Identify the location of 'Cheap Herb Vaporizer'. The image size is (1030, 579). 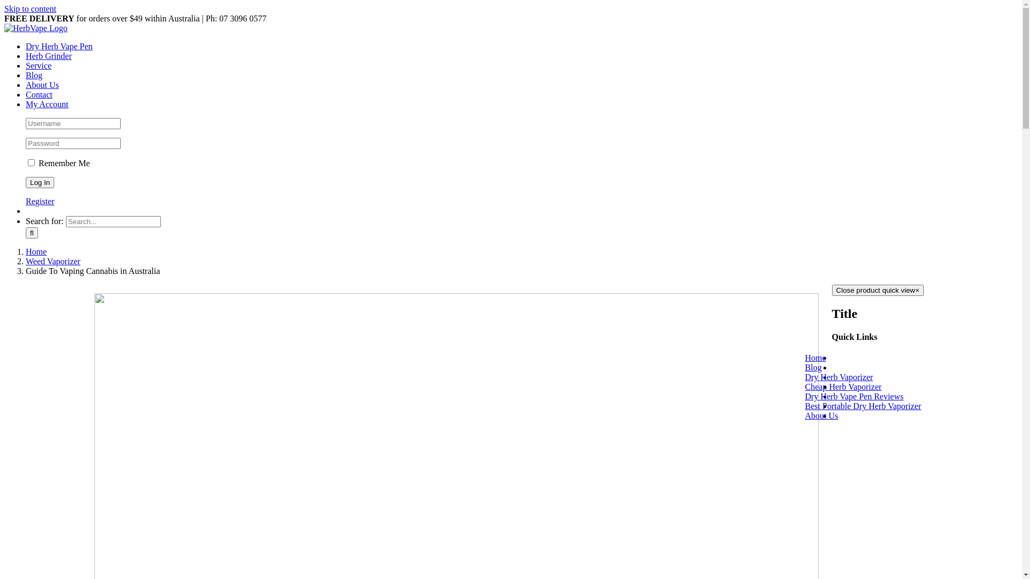
(856, 387).